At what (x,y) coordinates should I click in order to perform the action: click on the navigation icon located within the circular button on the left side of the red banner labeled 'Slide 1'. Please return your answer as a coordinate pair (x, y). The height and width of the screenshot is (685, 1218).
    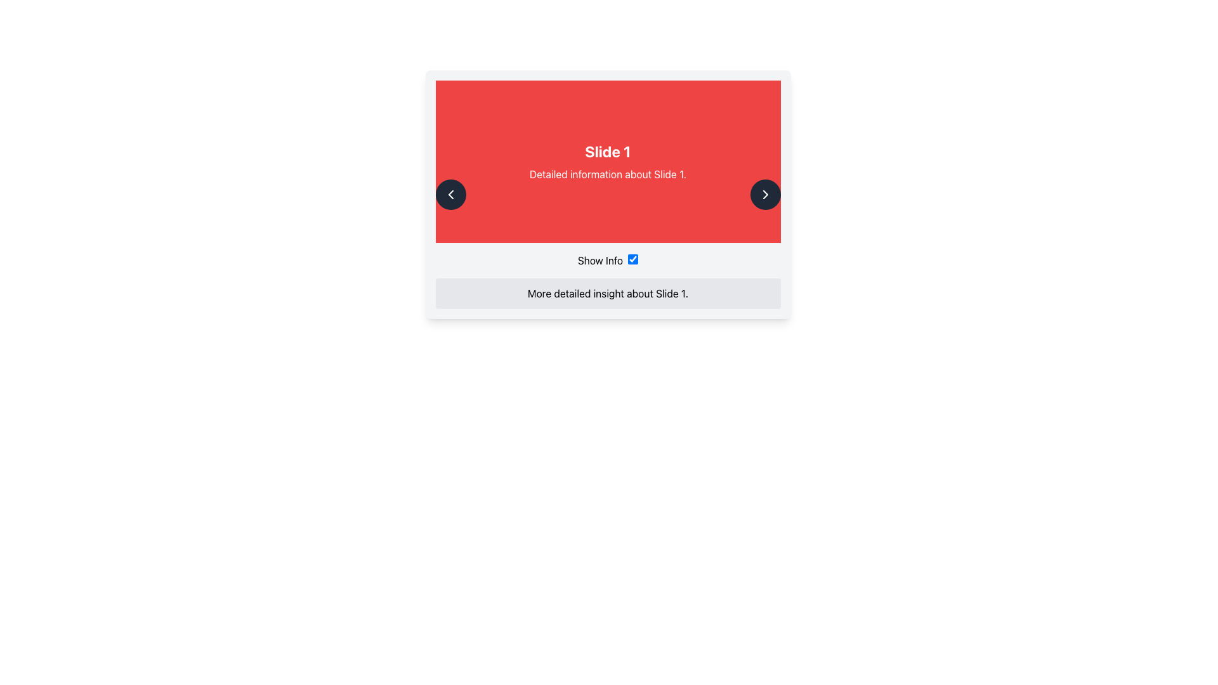
    Looking at the image, I should click on (450, 195).